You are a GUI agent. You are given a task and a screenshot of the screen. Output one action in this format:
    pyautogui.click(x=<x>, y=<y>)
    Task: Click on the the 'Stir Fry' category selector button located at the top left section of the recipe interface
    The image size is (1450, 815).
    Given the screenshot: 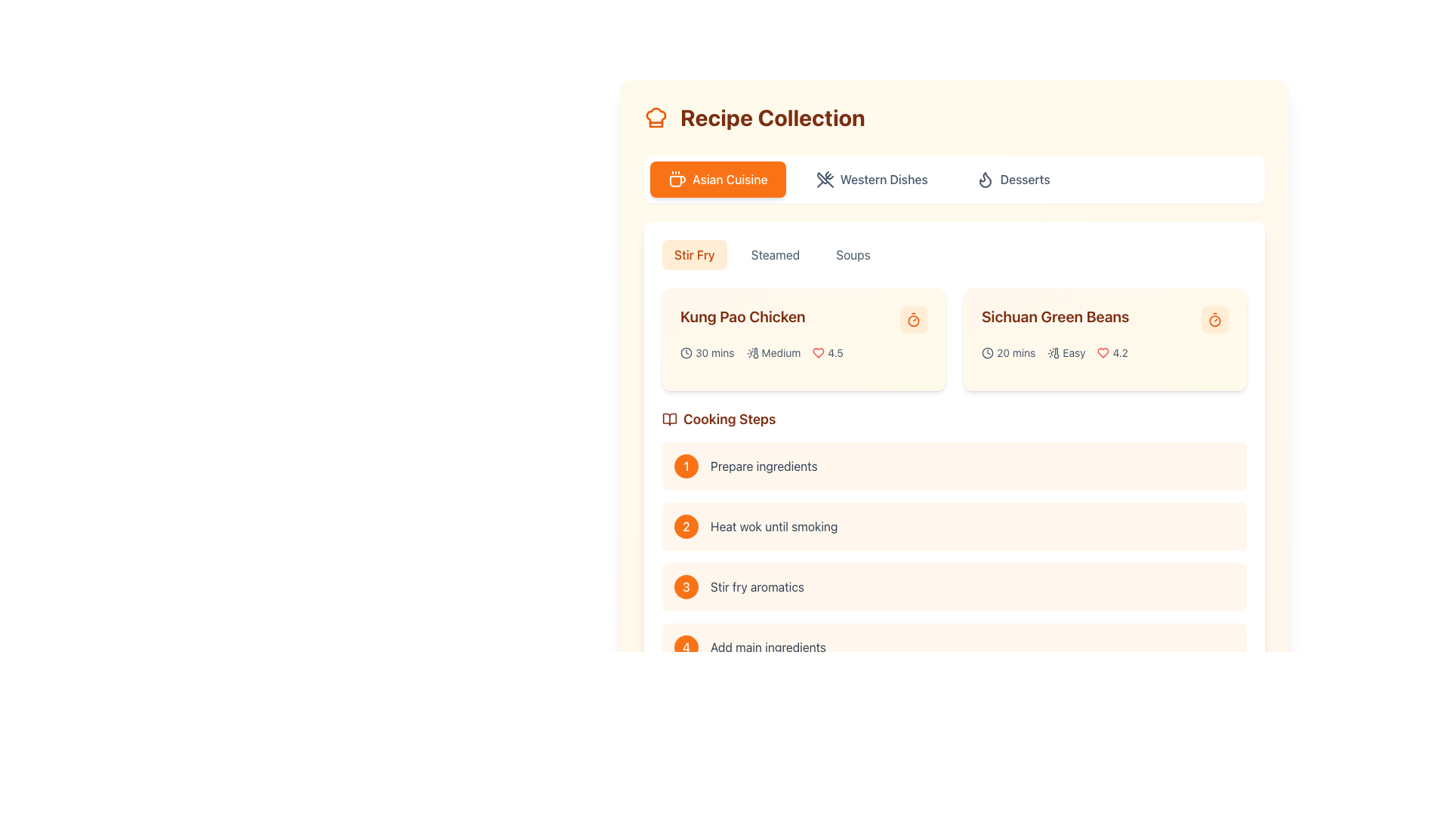 What is the action you would take?
    pyautogui.click(x=693, y=254)
    